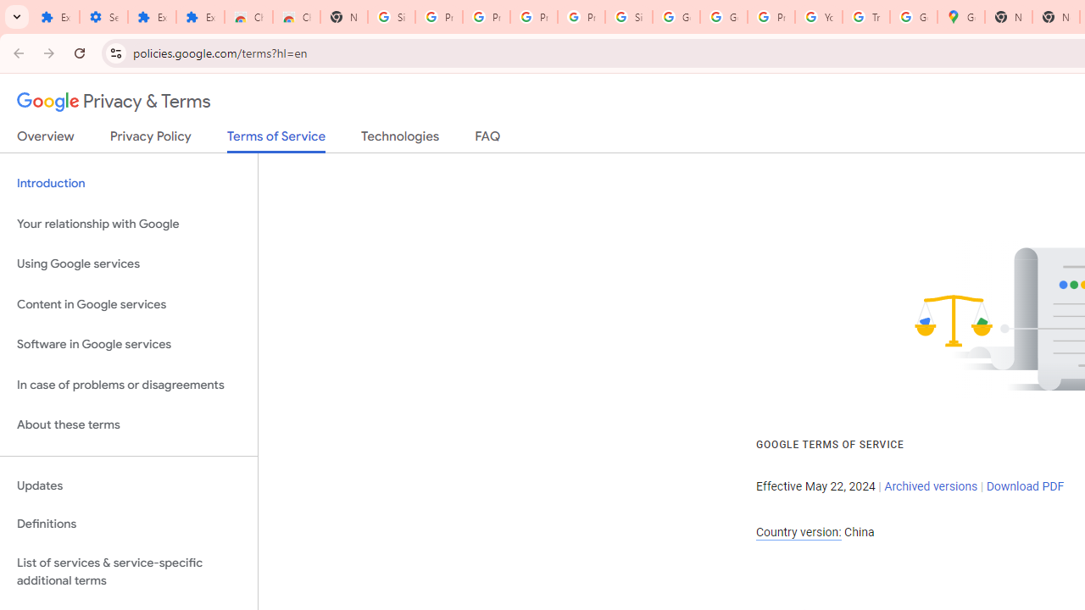  I want to click on 'Archived versions', so click(930, 486).